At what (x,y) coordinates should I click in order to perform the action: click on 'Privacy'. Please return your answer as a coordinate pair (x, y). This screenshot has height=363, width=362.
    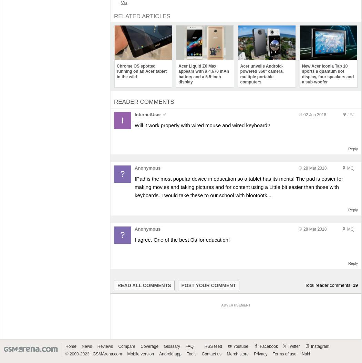
    Looking at the image, I should click on (260, 353).